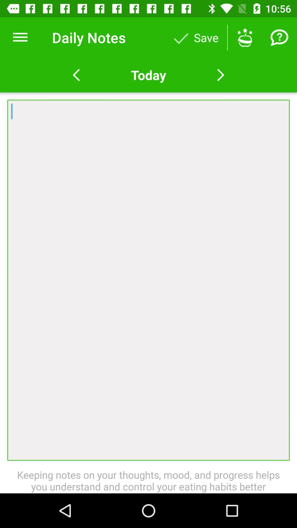 Image resolution: width=297 pixels, height=528 pixels. What do you see at coordinates (76, 75) in the screenshot?
I see `the arrow_backward icon` at bounding box center [76, 75].